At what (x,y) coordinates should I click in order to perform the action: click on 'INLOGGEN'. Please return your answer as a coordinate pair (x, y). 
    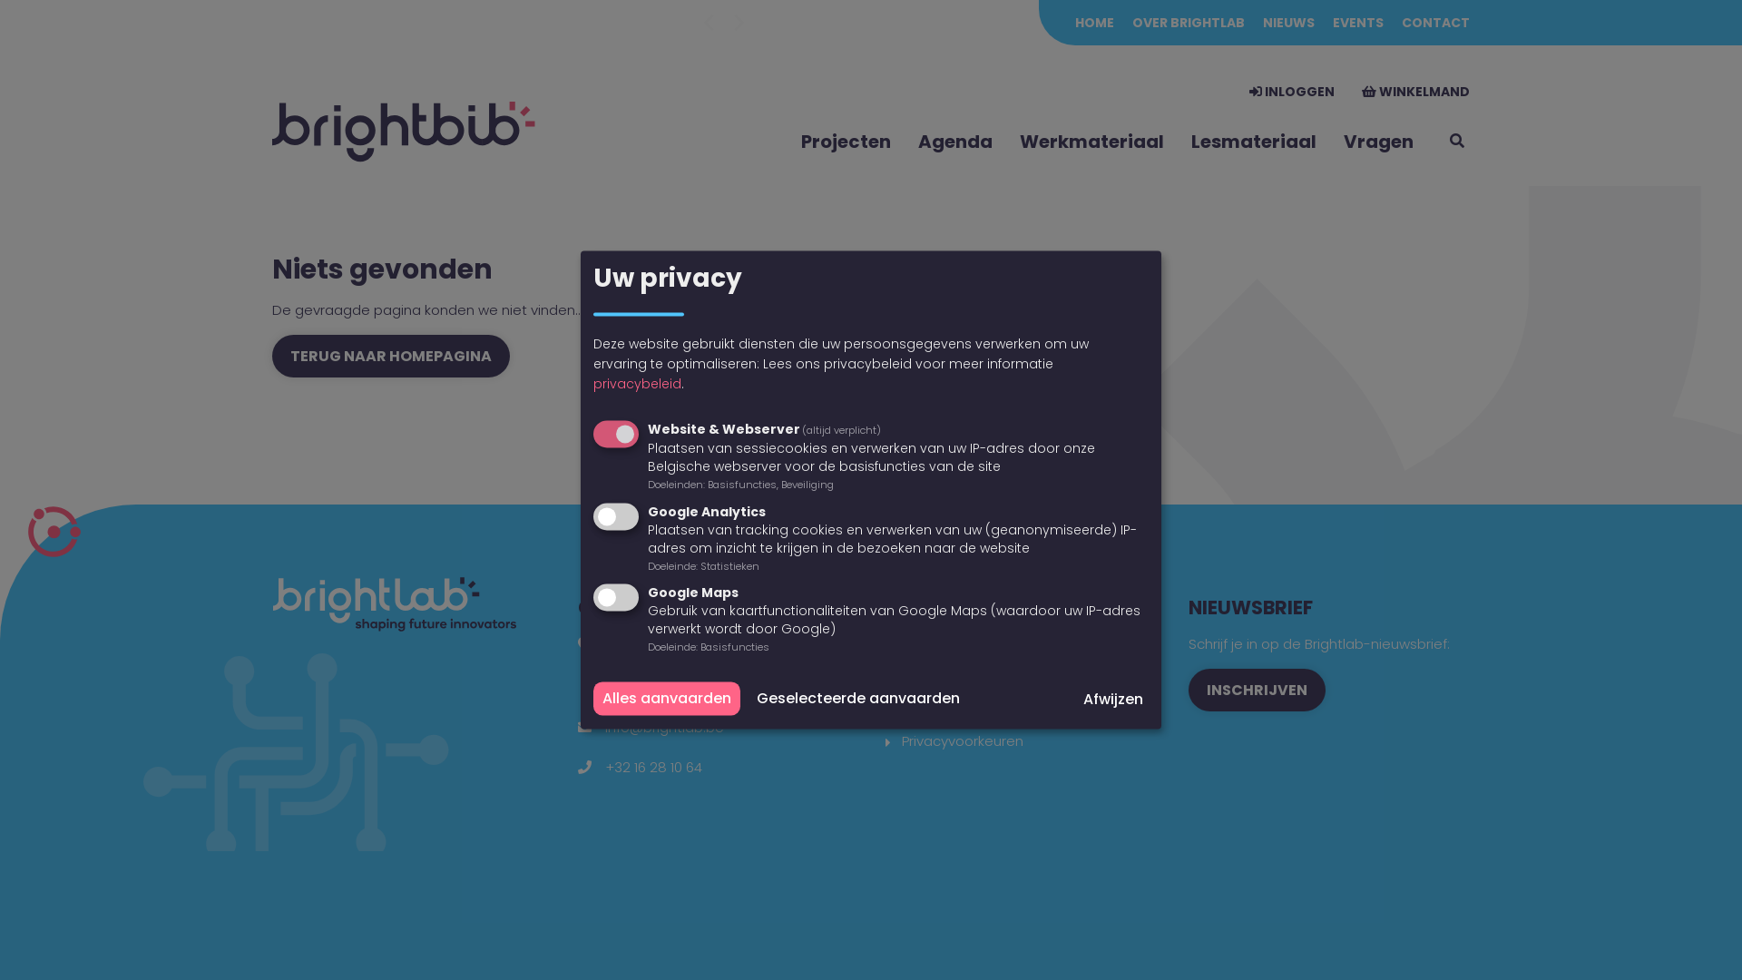
    Looking at the image, I should click on (1291, 91).